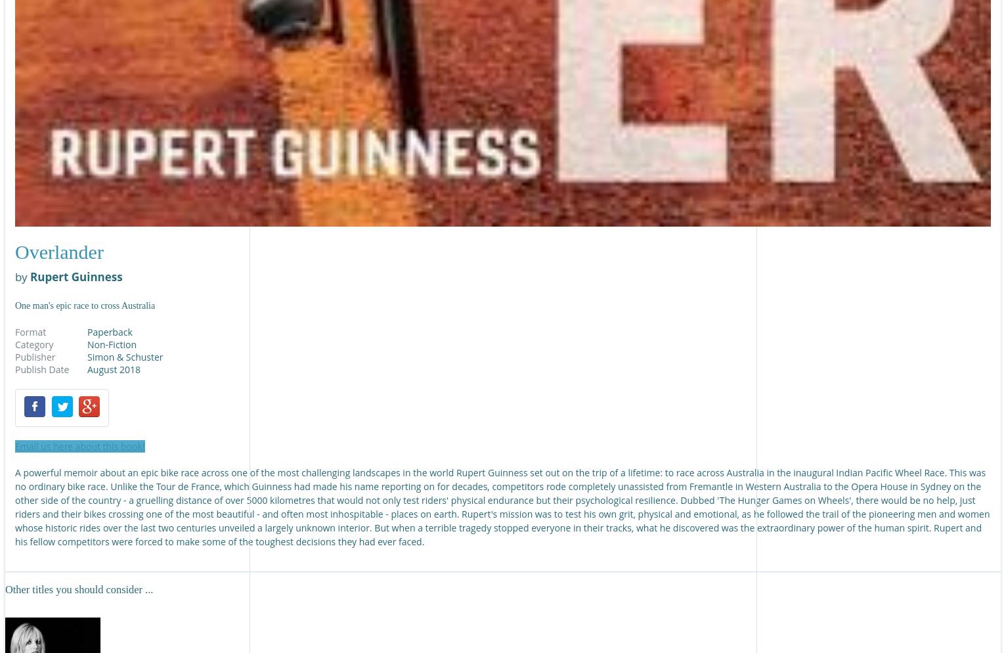 The height and width of the screenshot is (653, 1006). I want to click on 'Overlander', so click(14, 252).